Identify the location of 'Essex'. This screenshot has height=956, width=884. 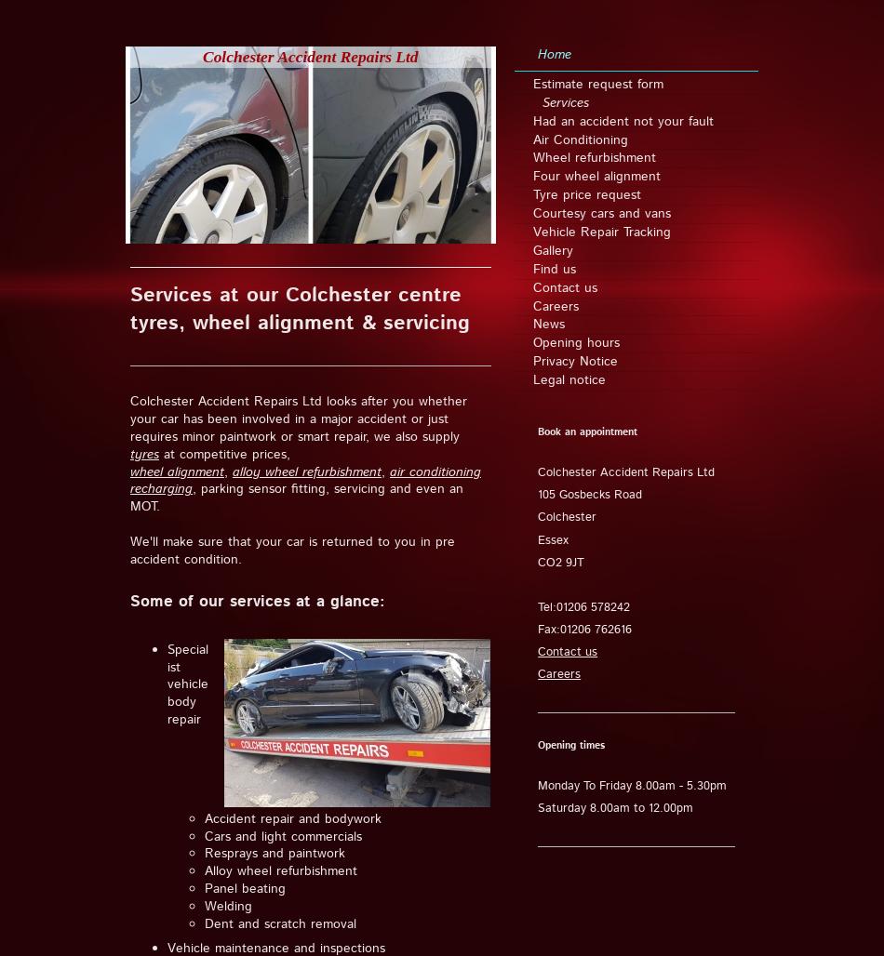
(553, 538).